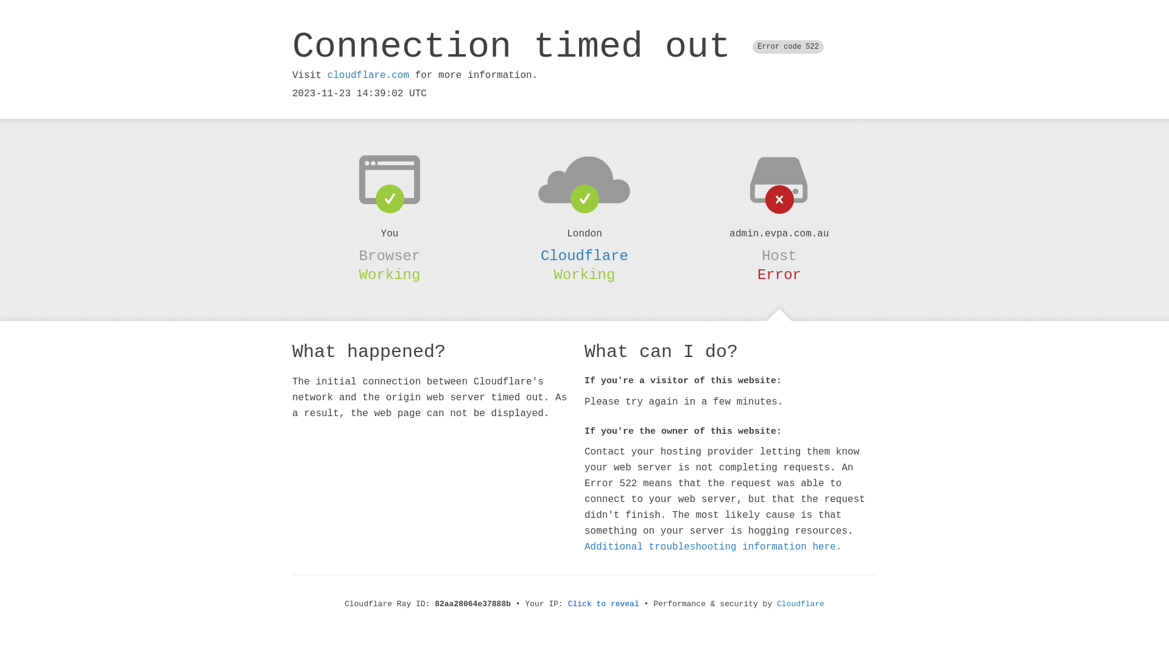 The height and width of the screenshot is (658, 1169). Describe the element at coordinates (584, 255) in the screenshot. I see `'Cloudflare'` at that location.